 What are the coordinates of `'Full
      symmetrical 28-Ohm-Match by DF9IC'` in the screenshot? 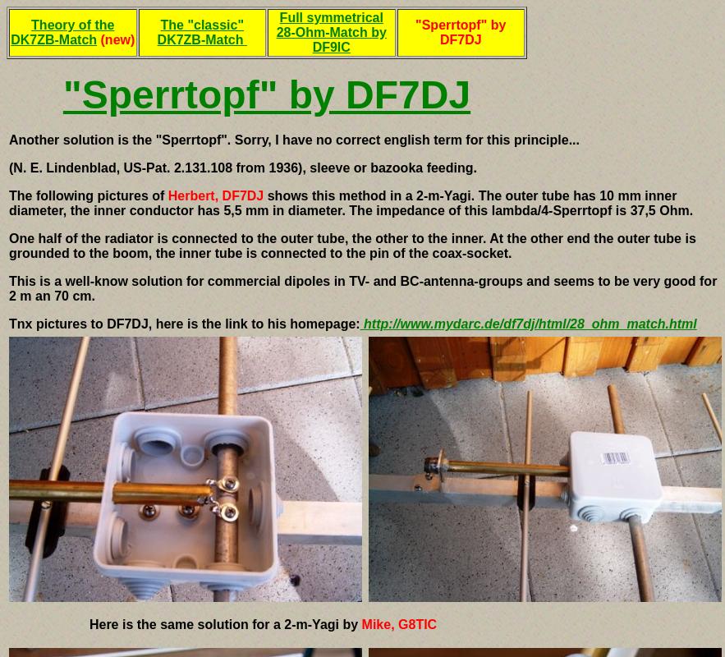 It's located at (274, 31).